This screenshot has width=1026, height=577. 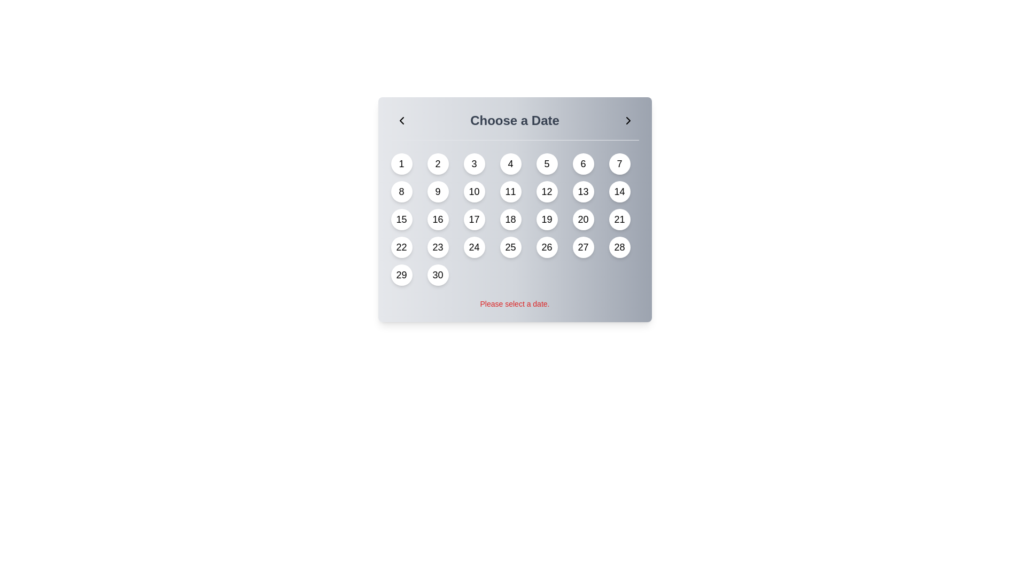 I want to click on the circular button labeled '28', located in the fourth row and seventh column of the calendar's date selector grid, so click(x=619, y=247).